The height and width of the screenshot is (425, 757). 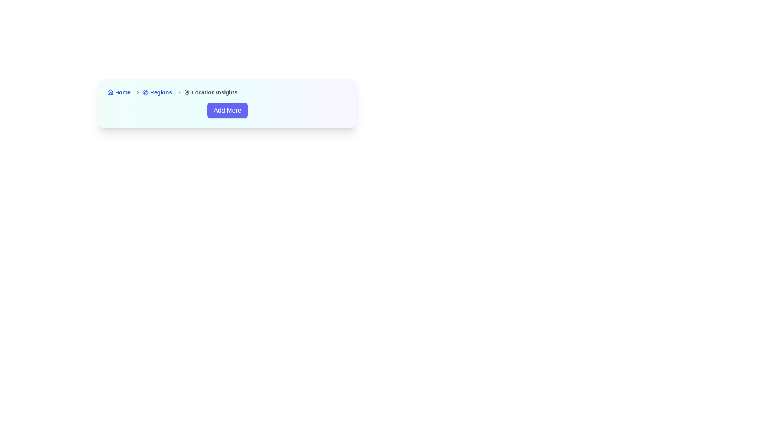 What do you see at coordinates (118, 92) in the screenshot?
I see `the 'Home' link in the breadcrumb navigation bar at the top of the card to underline the text` at bounding box center [118, 92].